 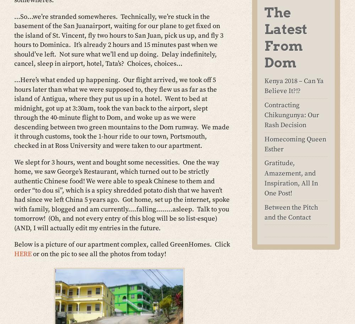 What do you see at coordinates (291, 178) in the screenshot?
I see `'Gratitude, Amazement, and Inspiration, All In One Post!'` at bounding box center [291, 178].